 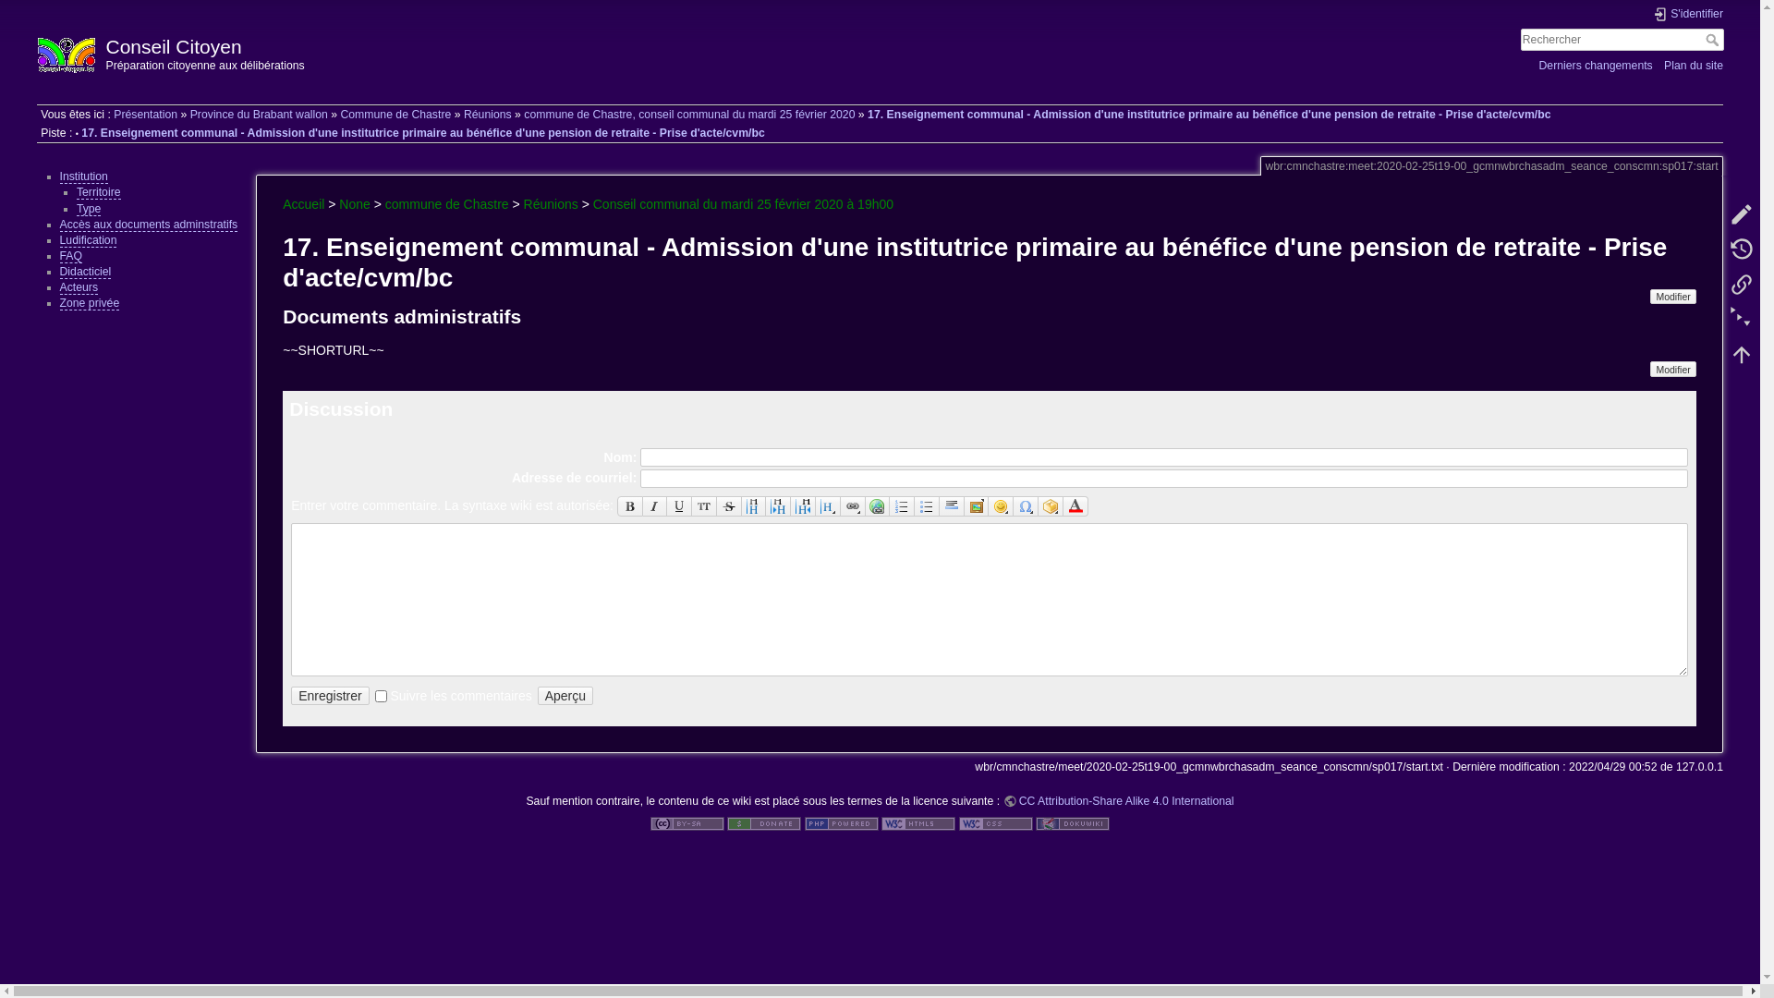 What do you see at coordinates (58, 239) in the screenshot?
I see `'Ludification'` at bounding box center [58, 239].